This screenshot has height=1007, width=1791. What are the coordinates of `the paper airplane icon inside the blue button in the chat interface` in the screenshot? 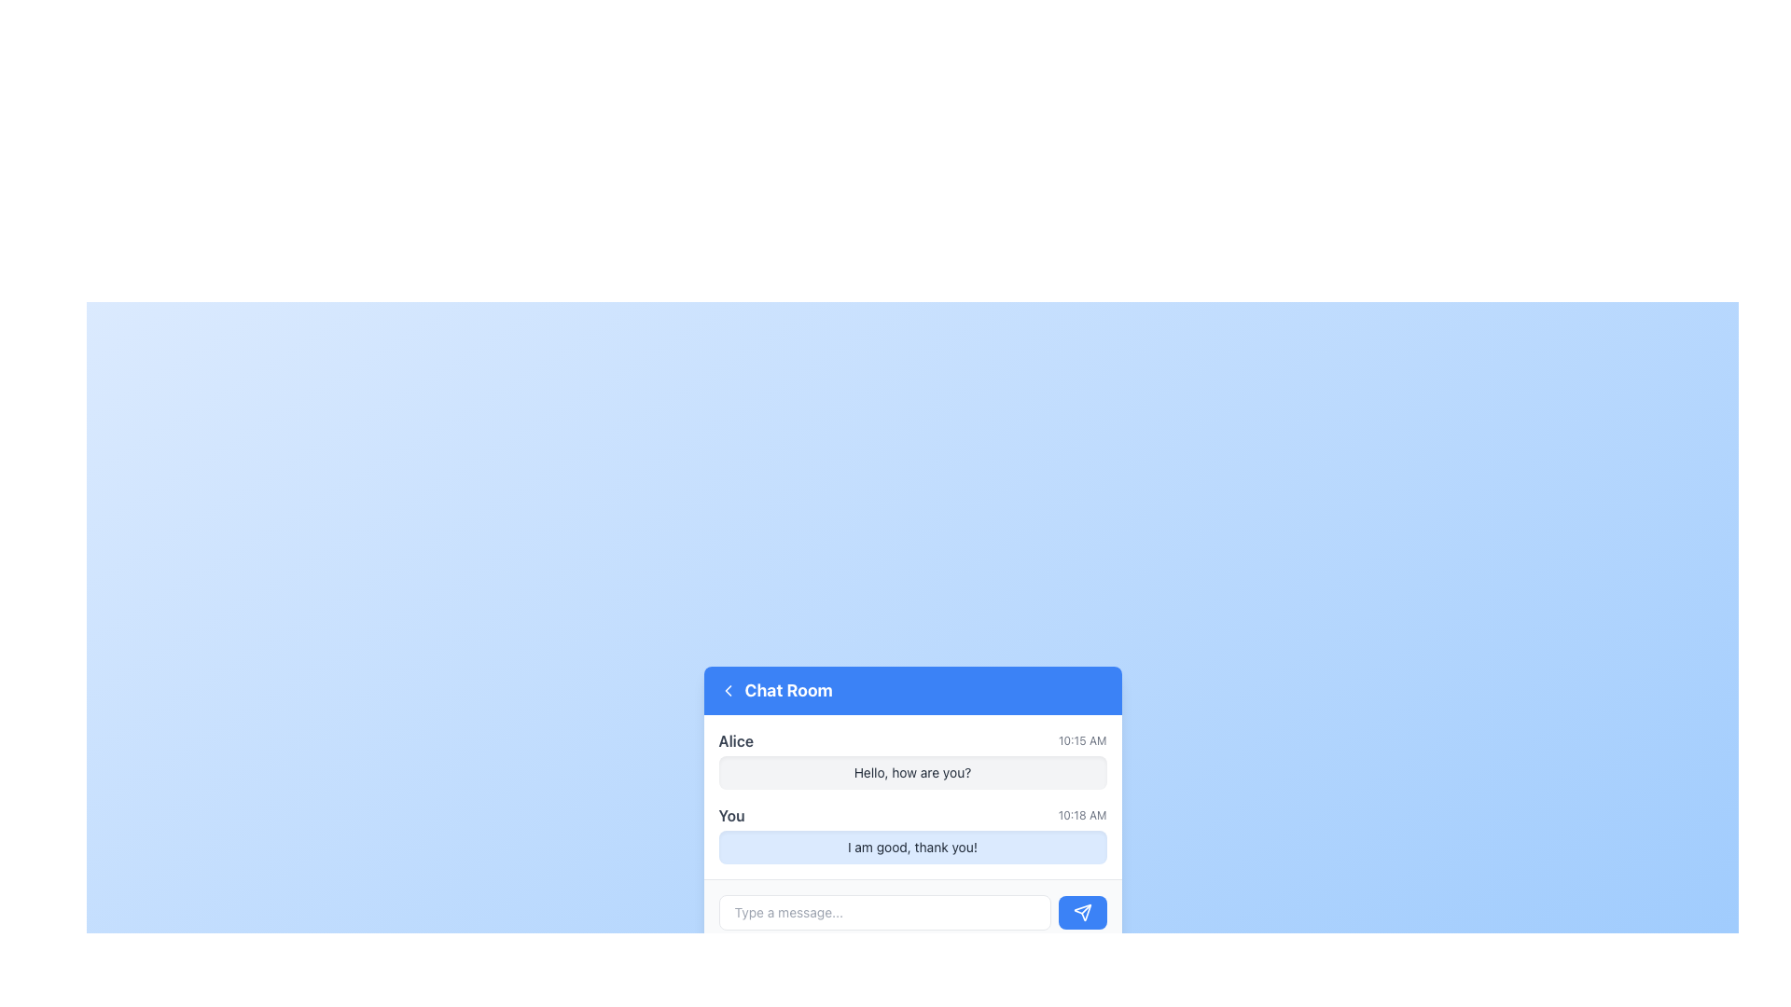 It's located at (1082, 911).